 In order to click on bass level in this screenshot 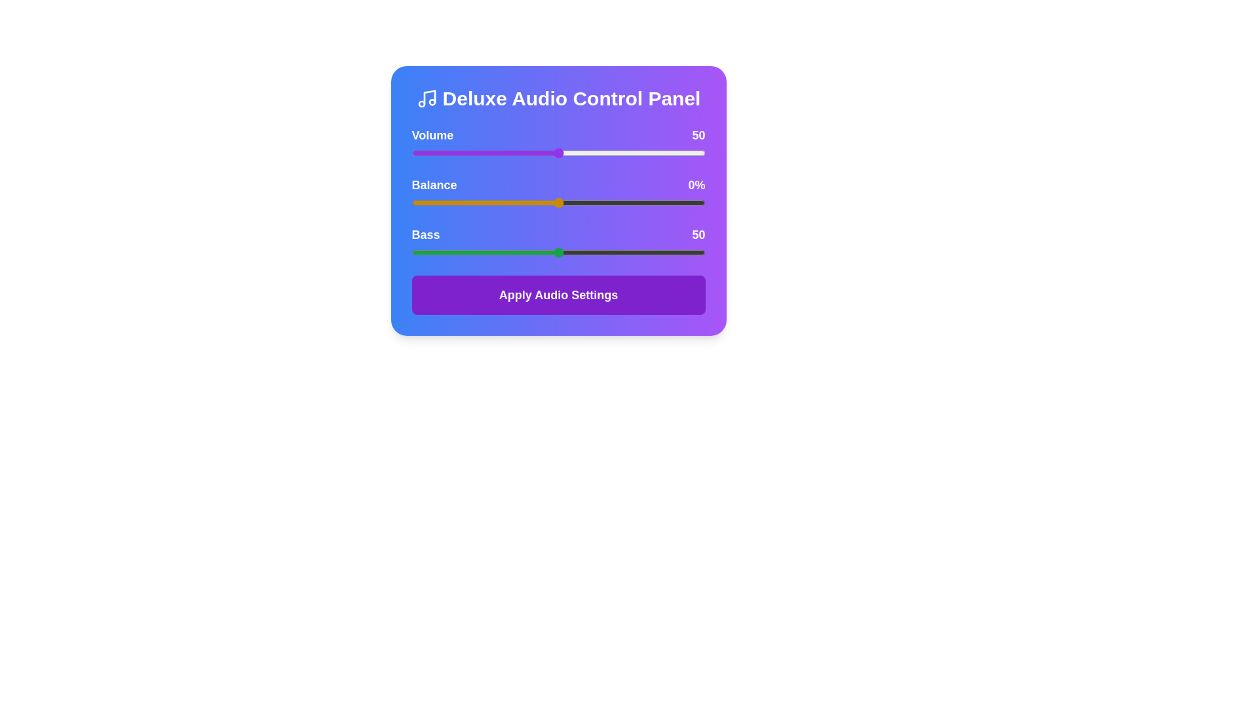, I will do `click(558, 252)`.